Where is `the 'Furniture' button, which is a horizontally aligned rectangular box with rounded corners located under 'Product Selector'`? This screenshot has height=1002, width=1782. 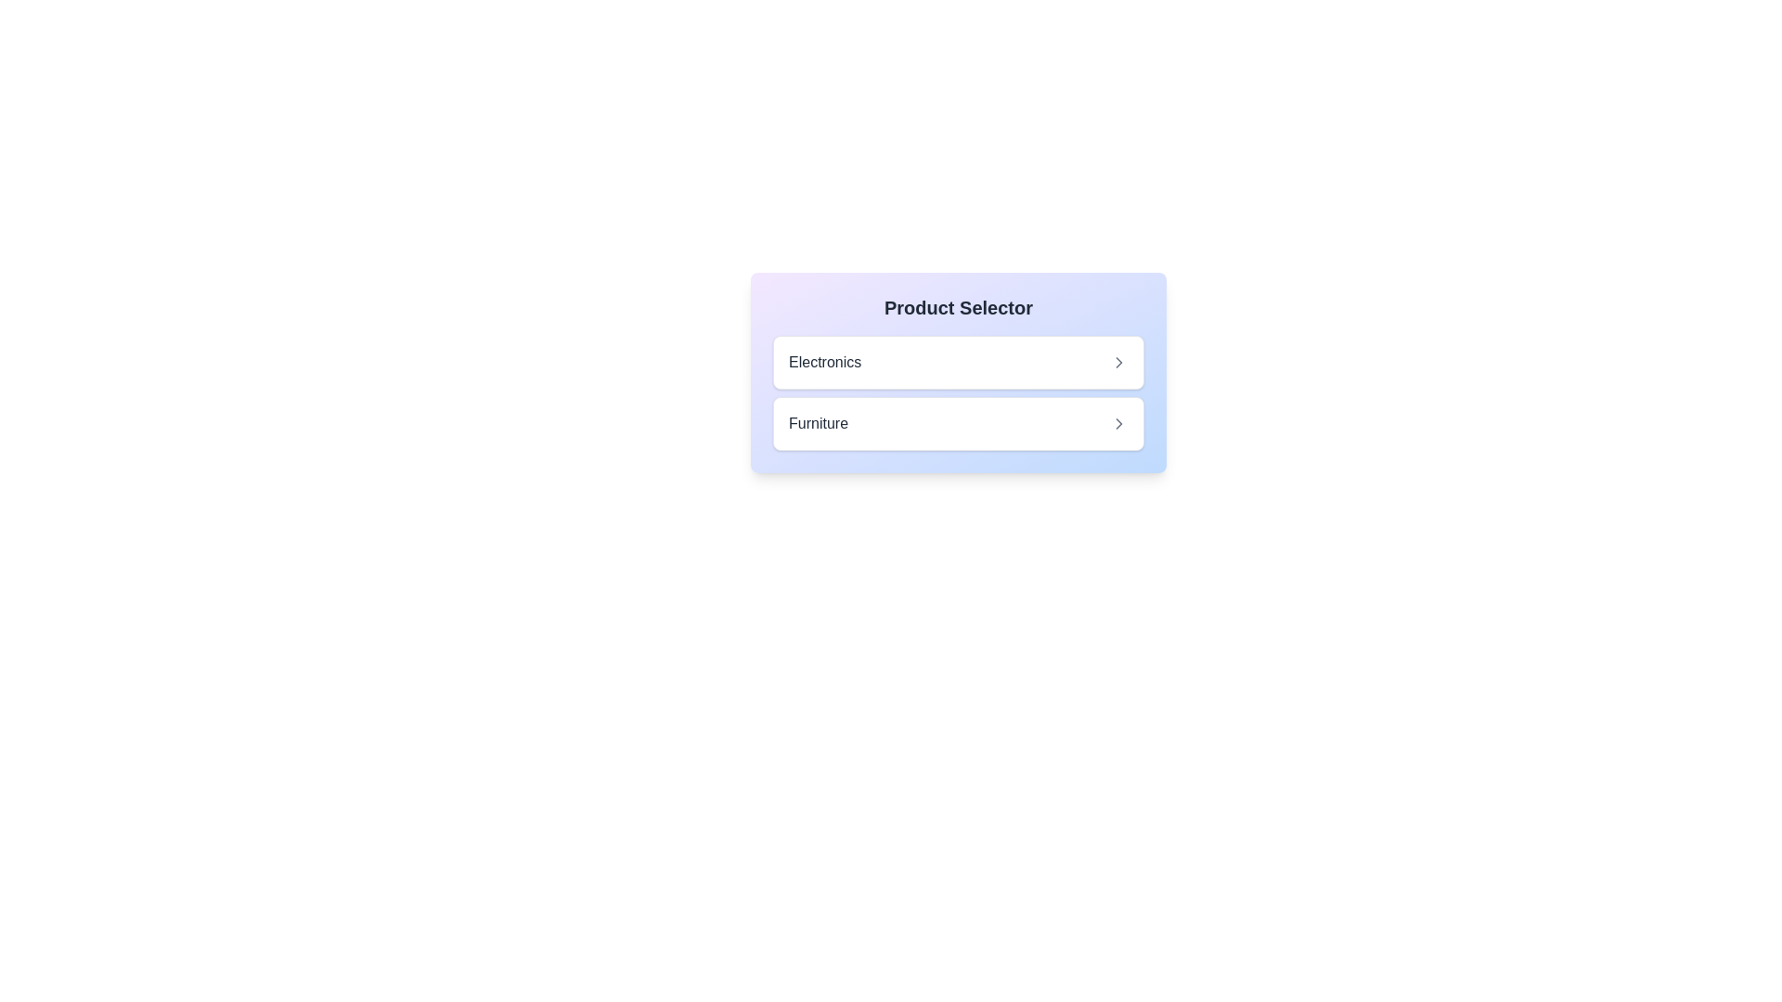
the 'Furniture' button, which is a horizontally aligned rectangular box with rounded corners located under 'Product Selector' is located at coordinates (958, 423).